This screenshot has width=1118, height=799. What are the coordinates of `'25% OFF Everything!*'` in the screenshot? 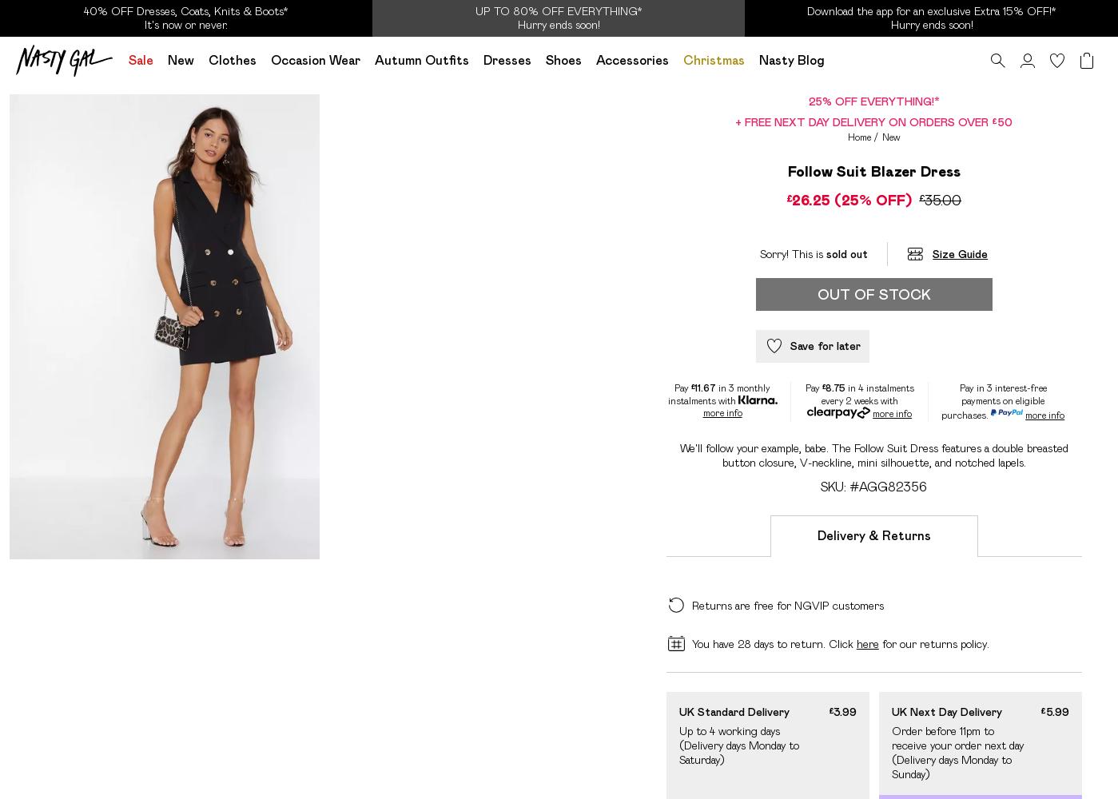 It's located at (807, 101).